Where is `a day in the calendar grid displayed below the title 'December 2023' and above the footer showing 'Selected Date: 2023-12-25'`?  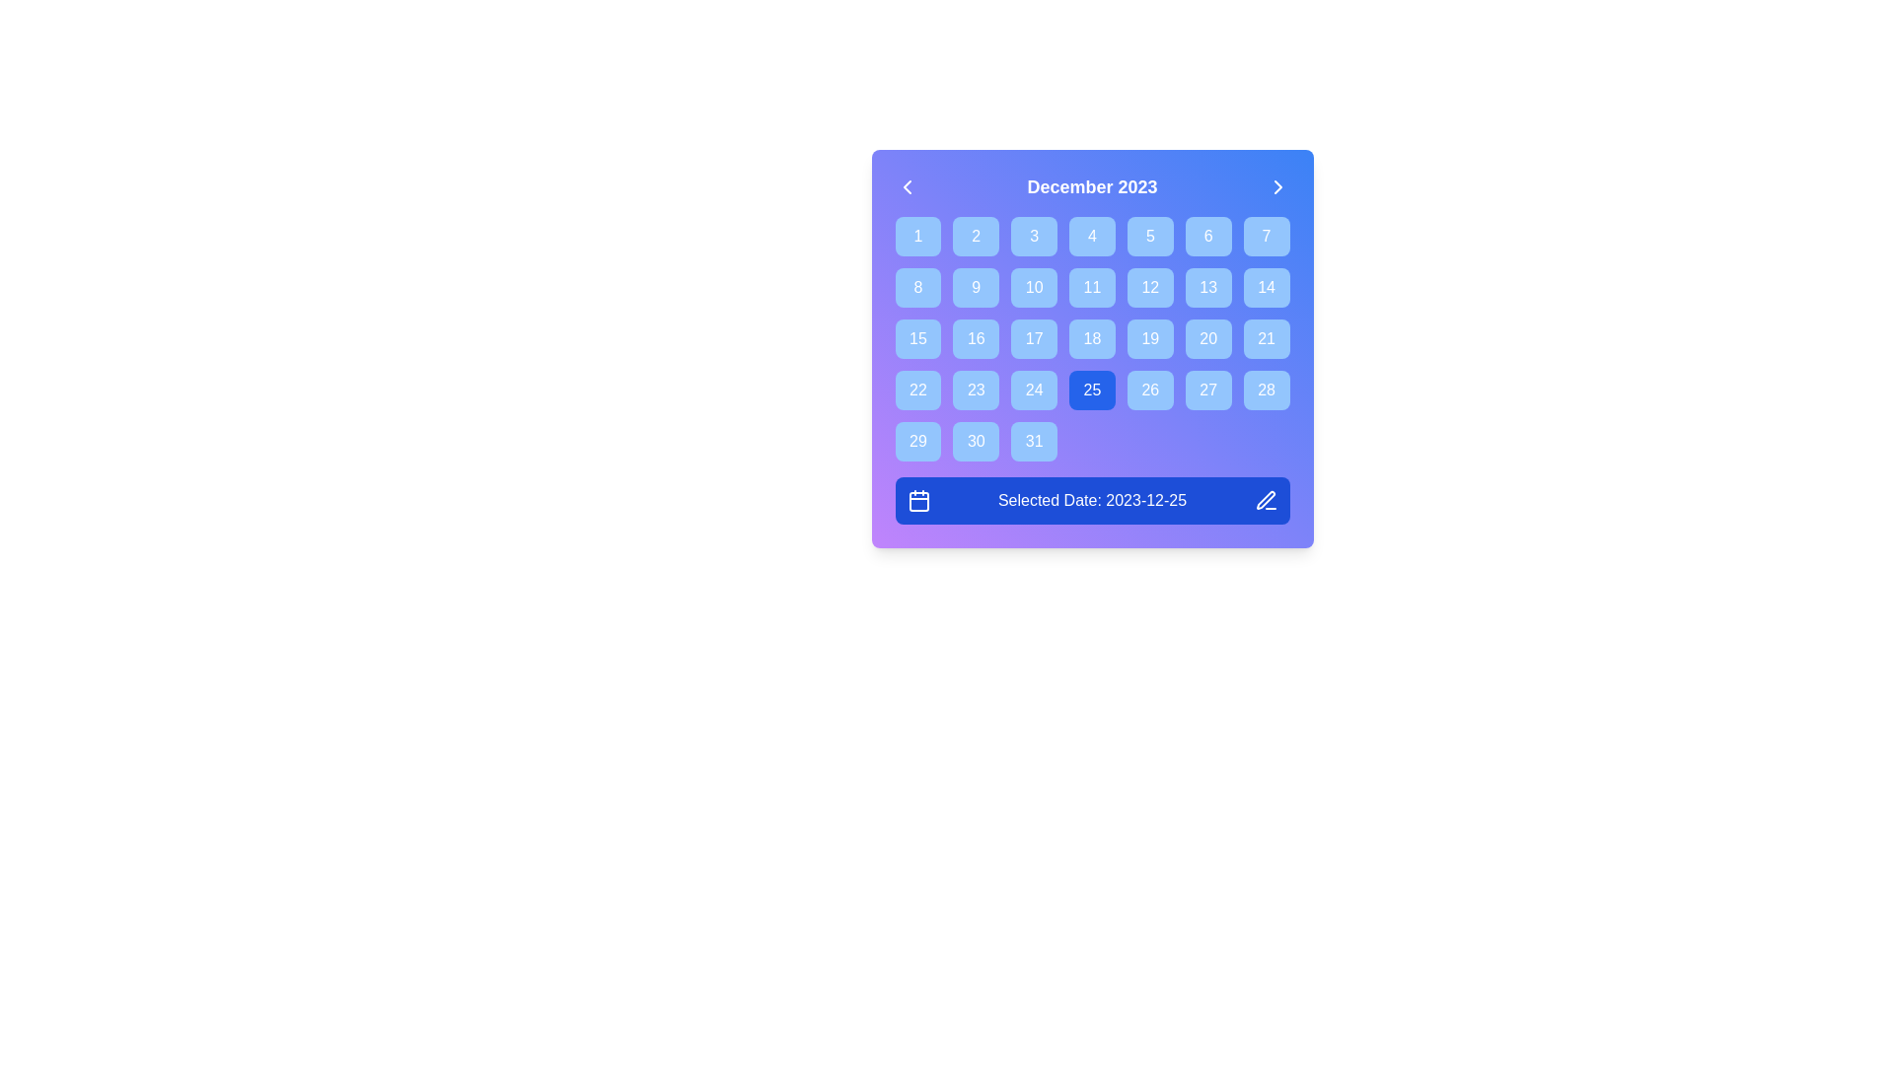 a day in the calendar grid displayed below the title 'December 2023' and above the footer showing 'Selected Date: 2023-12-25' is located at coordinates (1091, 337).